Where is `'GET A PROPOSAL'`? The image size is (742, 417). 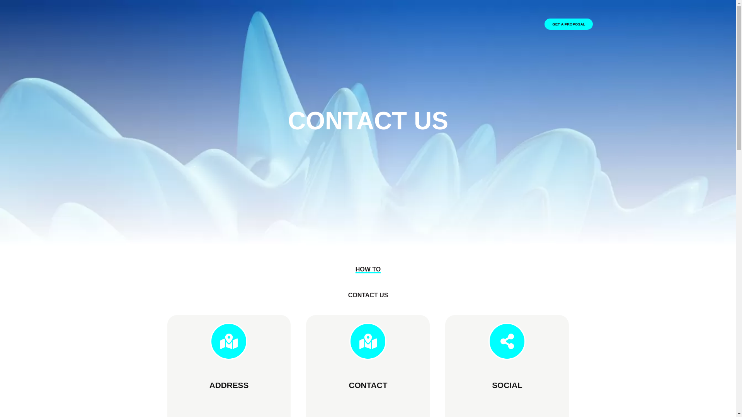 'GET A PROPOSAL' is located at coordinates (568, 24).